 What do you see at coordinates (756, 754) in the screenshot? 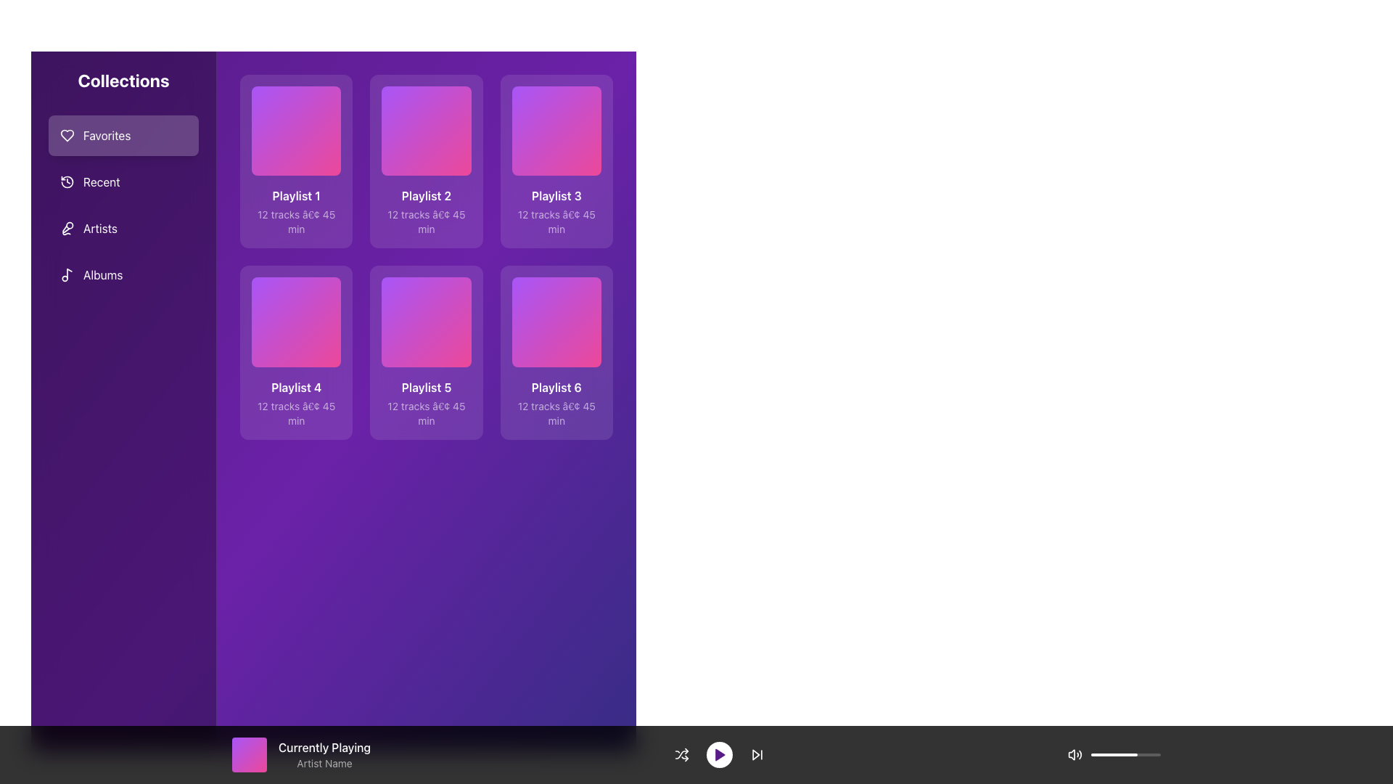
I see `the rightmost 'skip forward' button in the playback toolbar to jump to the next track or segment` at bounding box center [756, 754].